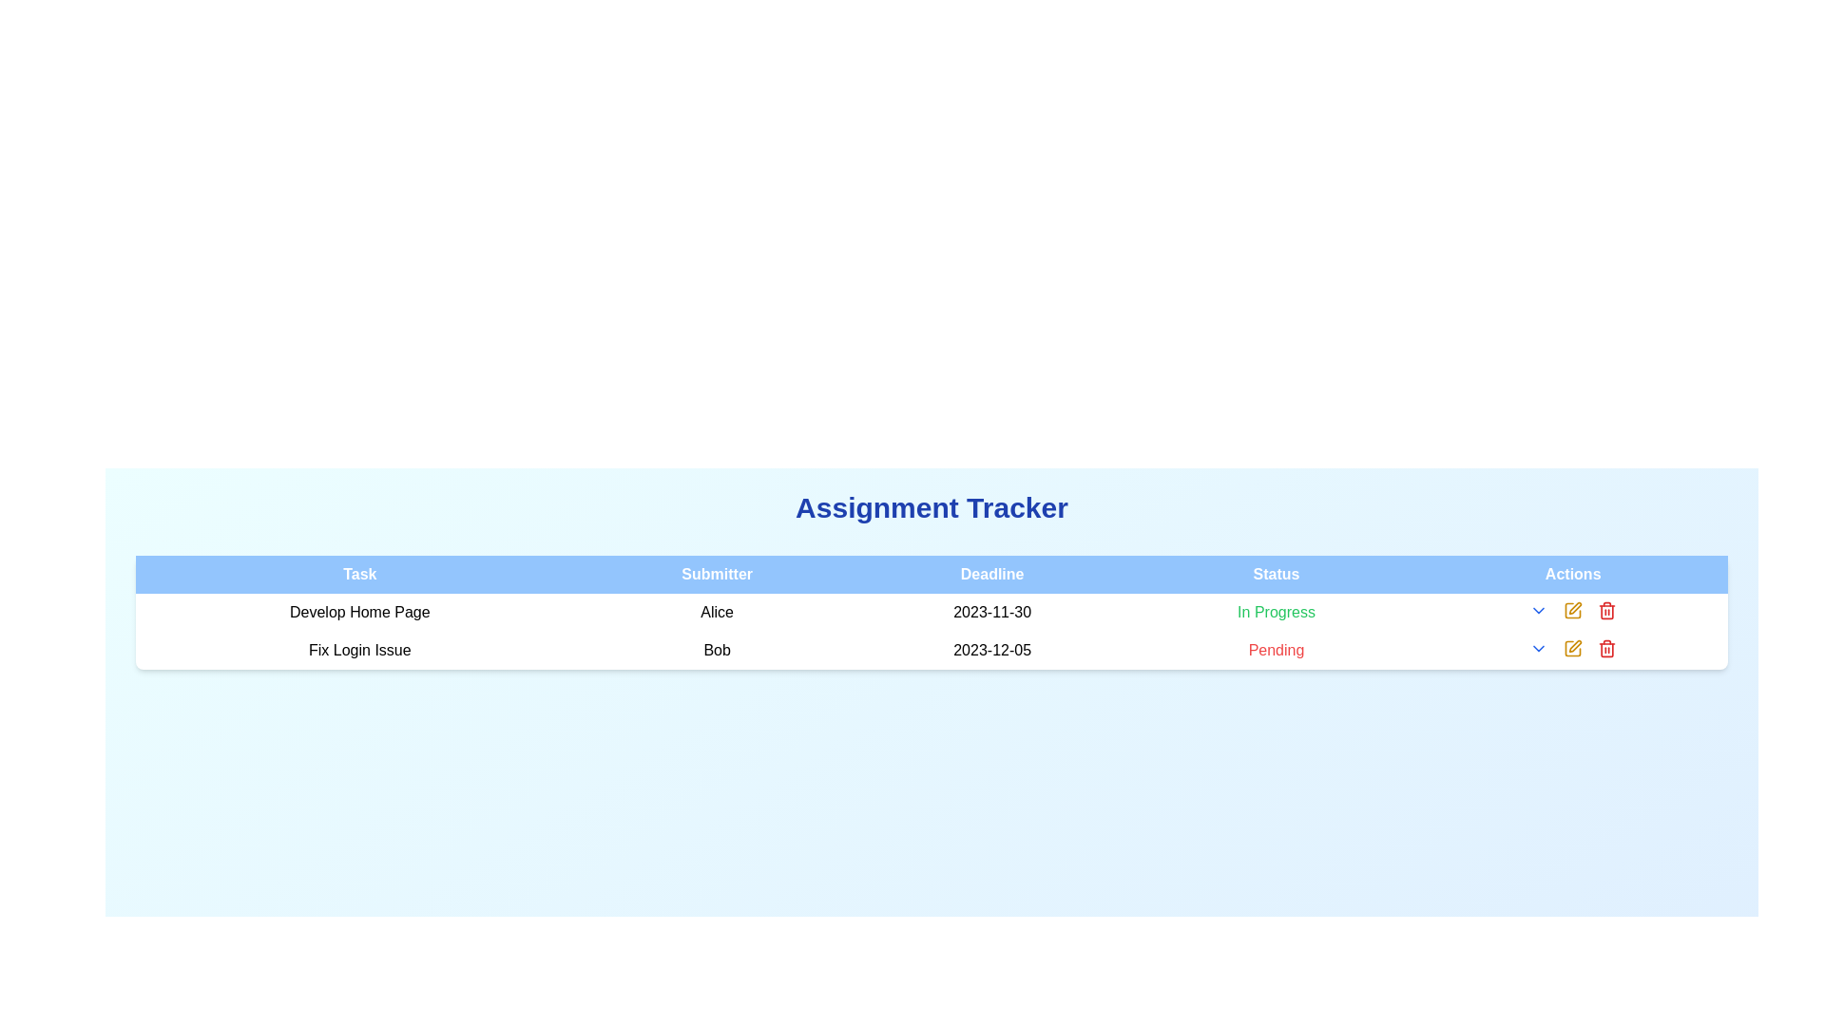 The height and width of the screenshot is (1026, 1825). Describe the element at coordinates (1575, 608) in the screenshot. I see `the edit icon` at that location.